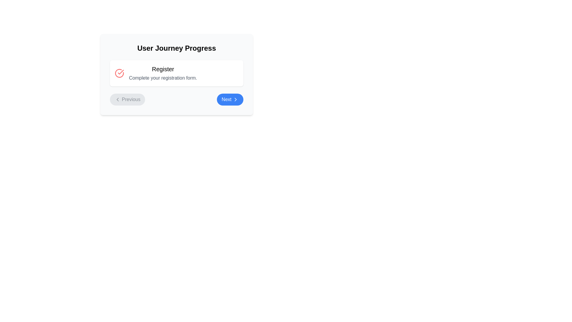 Image resolution: width=572 pixels, height=322 pixels. What do you see at coordinates (117, 99) in the screenshot?
I see `the backward navigation icon located at the bottom-left of the 'Previous' button on the form card` at bounding box center [117, 99].